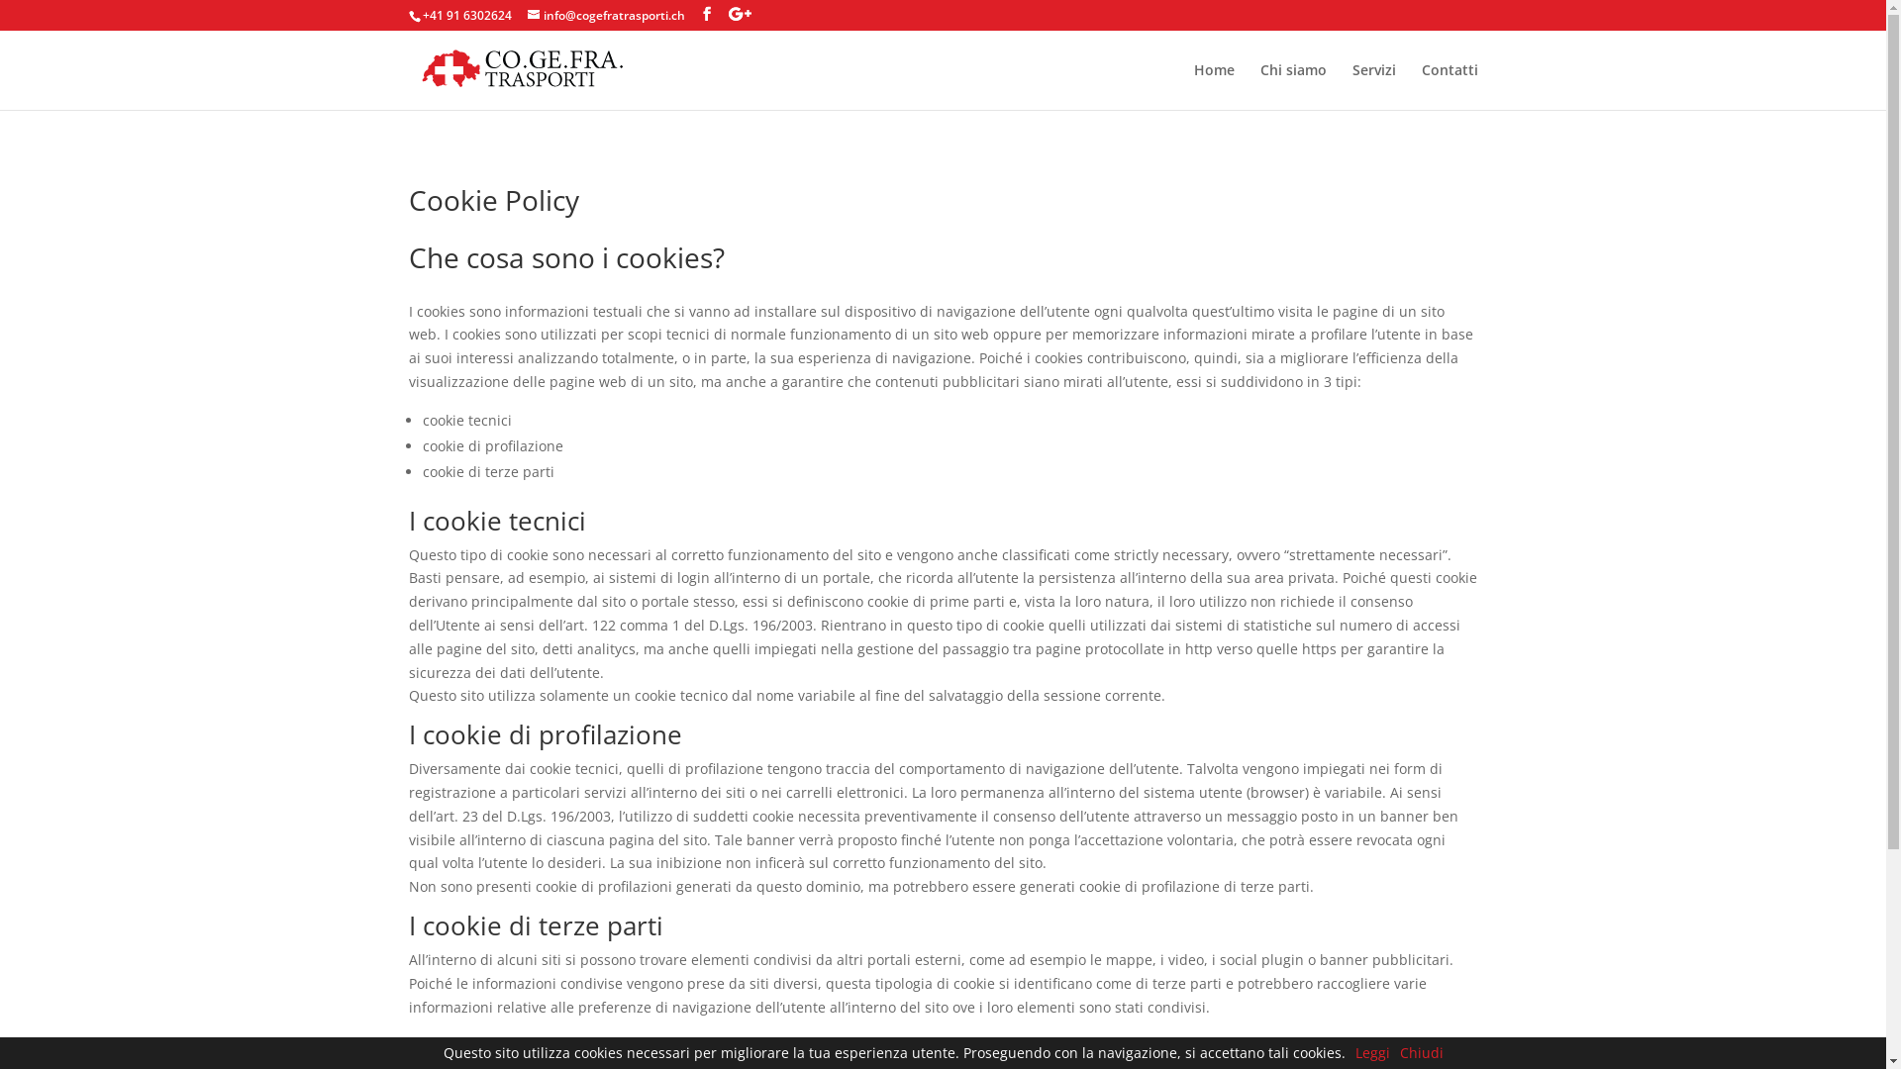  Describe the element at coordinates (1292, 85) in the screenshot. I see `'Chi siamo'` at that location.